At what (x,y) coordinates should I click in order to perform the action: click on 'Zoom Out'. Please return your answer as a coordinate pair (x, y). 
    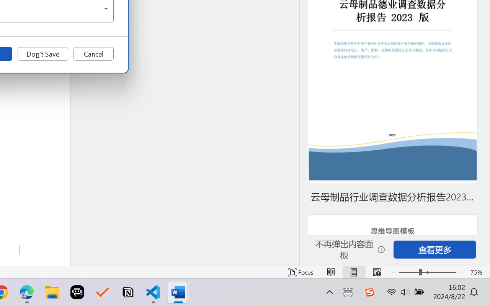
    Looking at the image, I should click on (408, 272).